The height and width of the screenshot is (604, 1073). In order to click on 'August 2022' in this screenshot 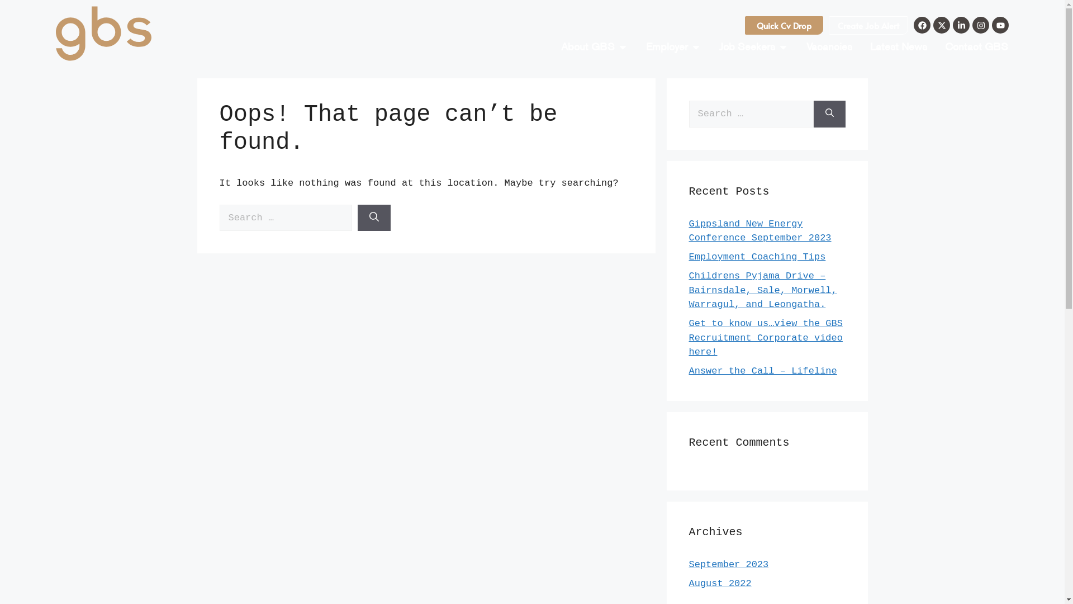, I will do `click(719, 583)`.